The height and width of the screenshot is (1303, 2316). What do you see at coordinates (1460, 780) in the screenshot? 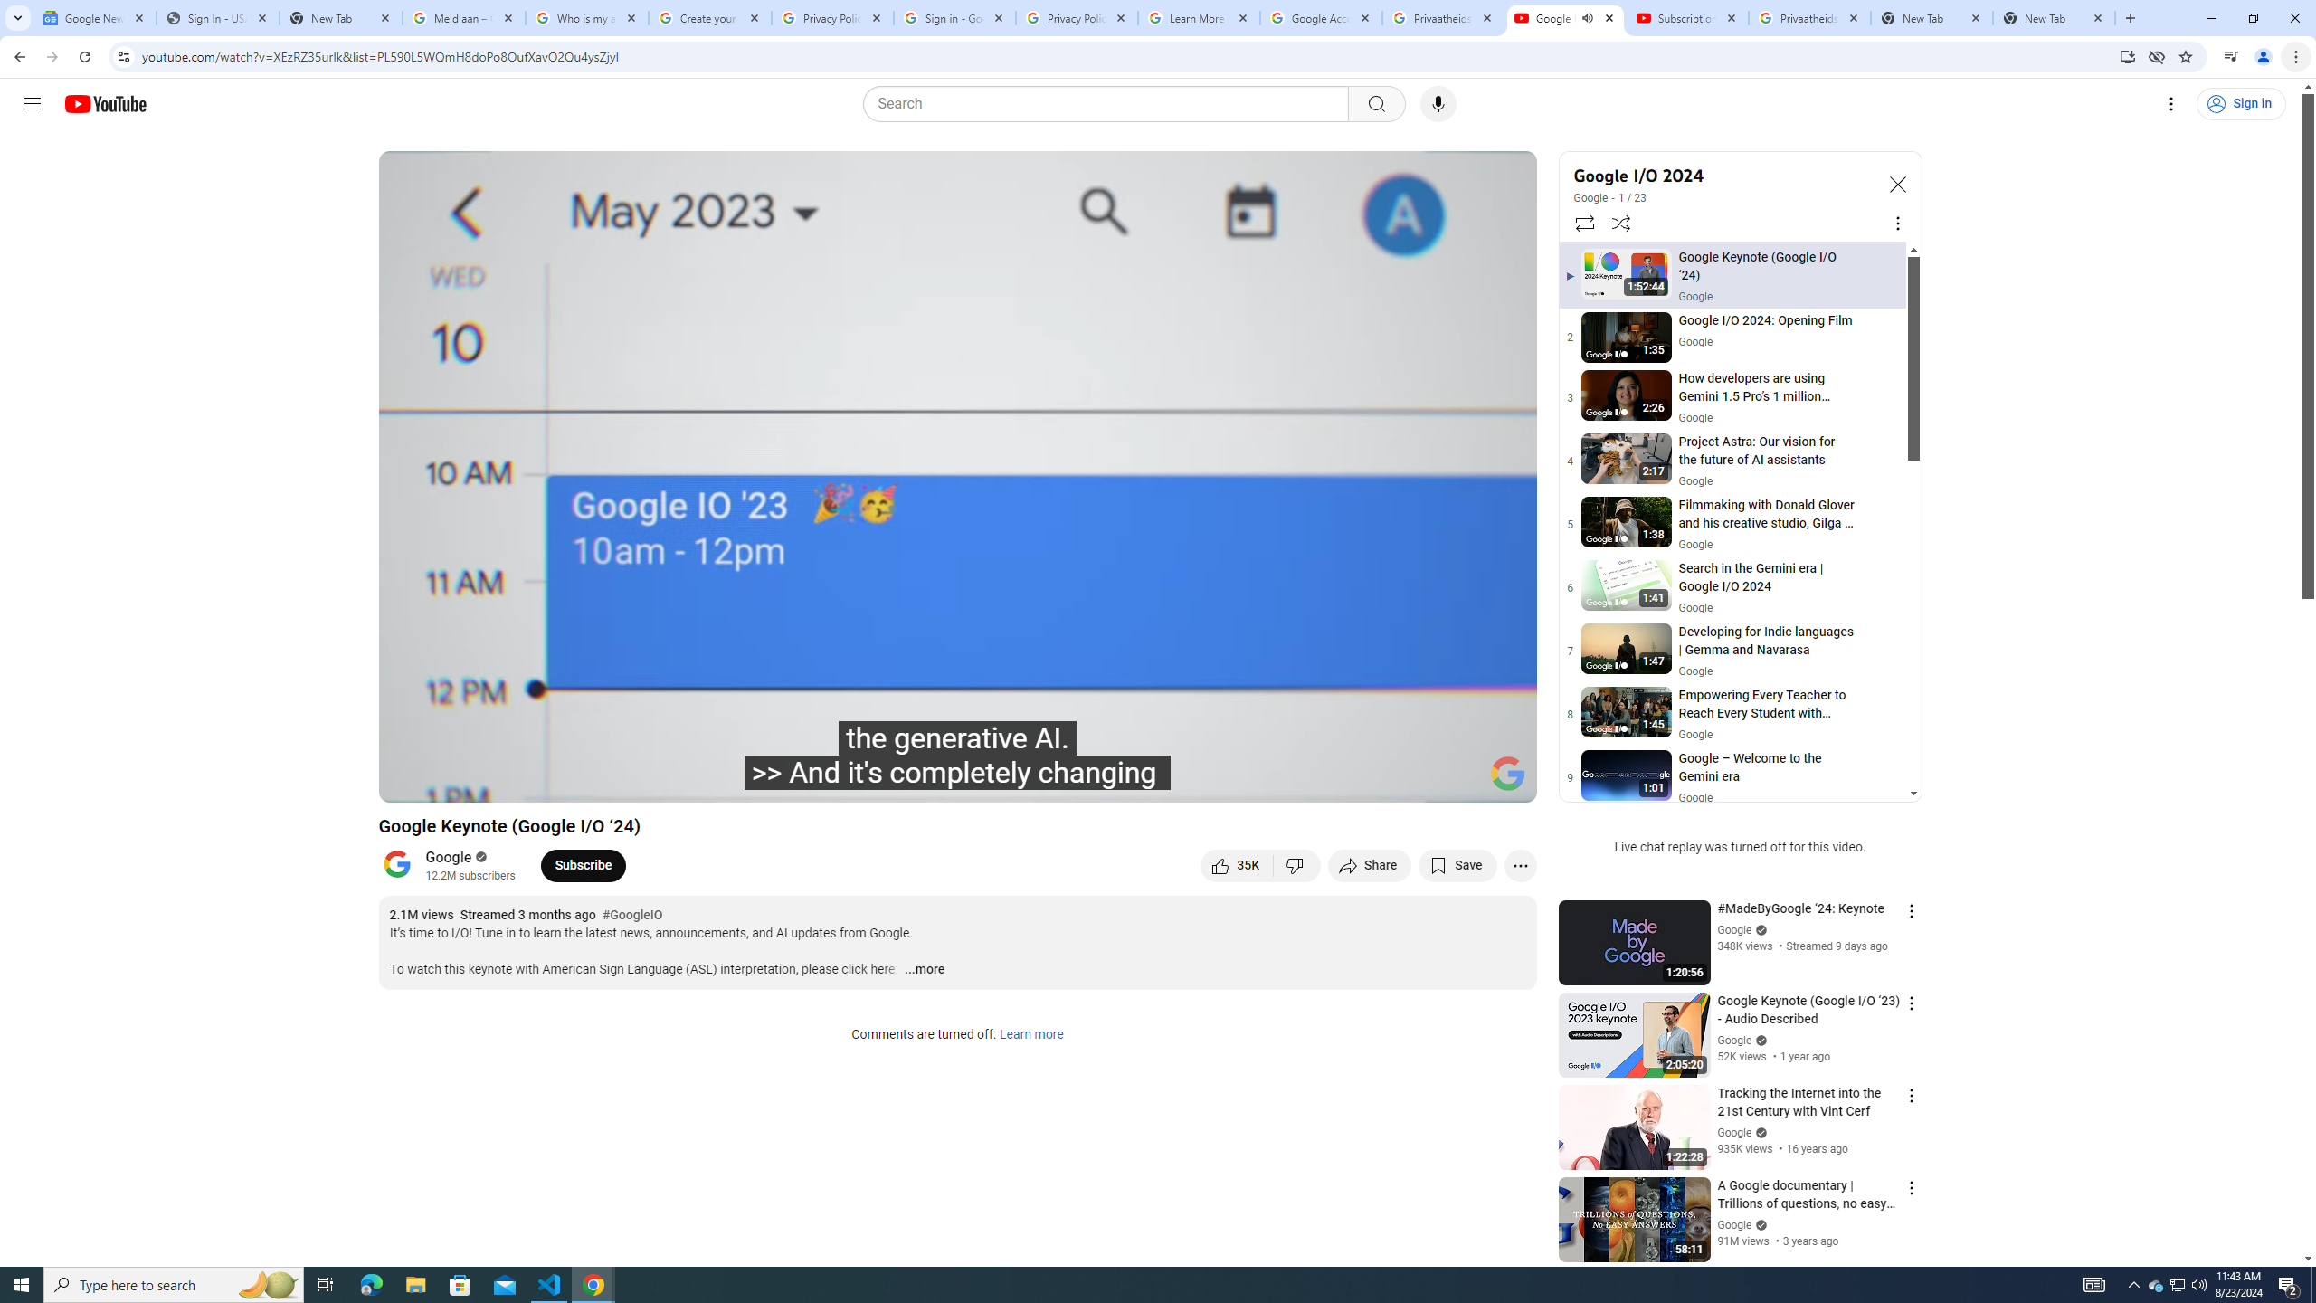
I see `'Theater mode (t)'` at bounding box center [1460, 780].